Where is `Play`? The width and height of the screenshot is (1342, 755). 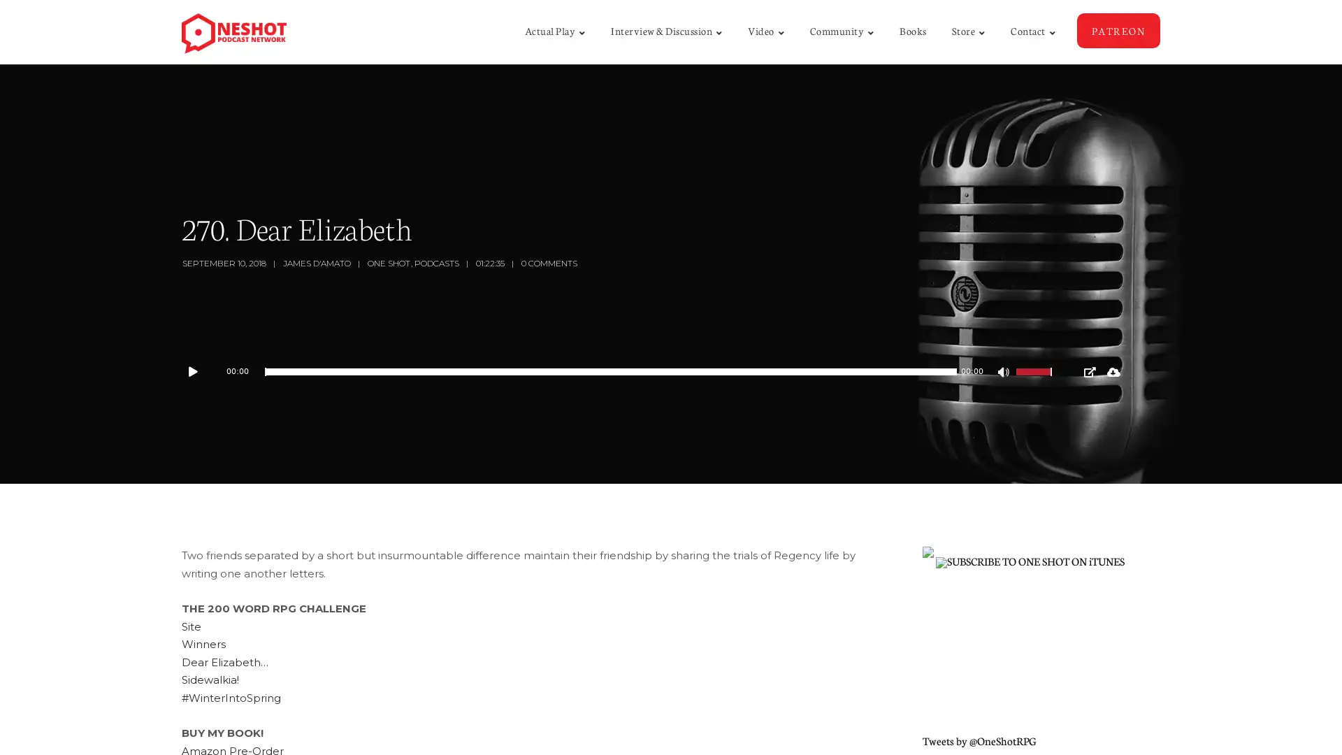
Play is located at coordinates (199, 371).